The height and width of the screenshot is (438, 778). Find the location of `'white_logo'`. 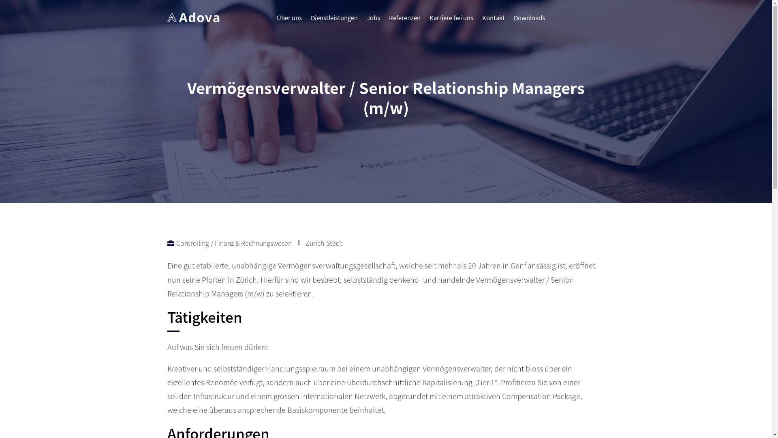

'white_logo' is located at coordinates (192, 17).